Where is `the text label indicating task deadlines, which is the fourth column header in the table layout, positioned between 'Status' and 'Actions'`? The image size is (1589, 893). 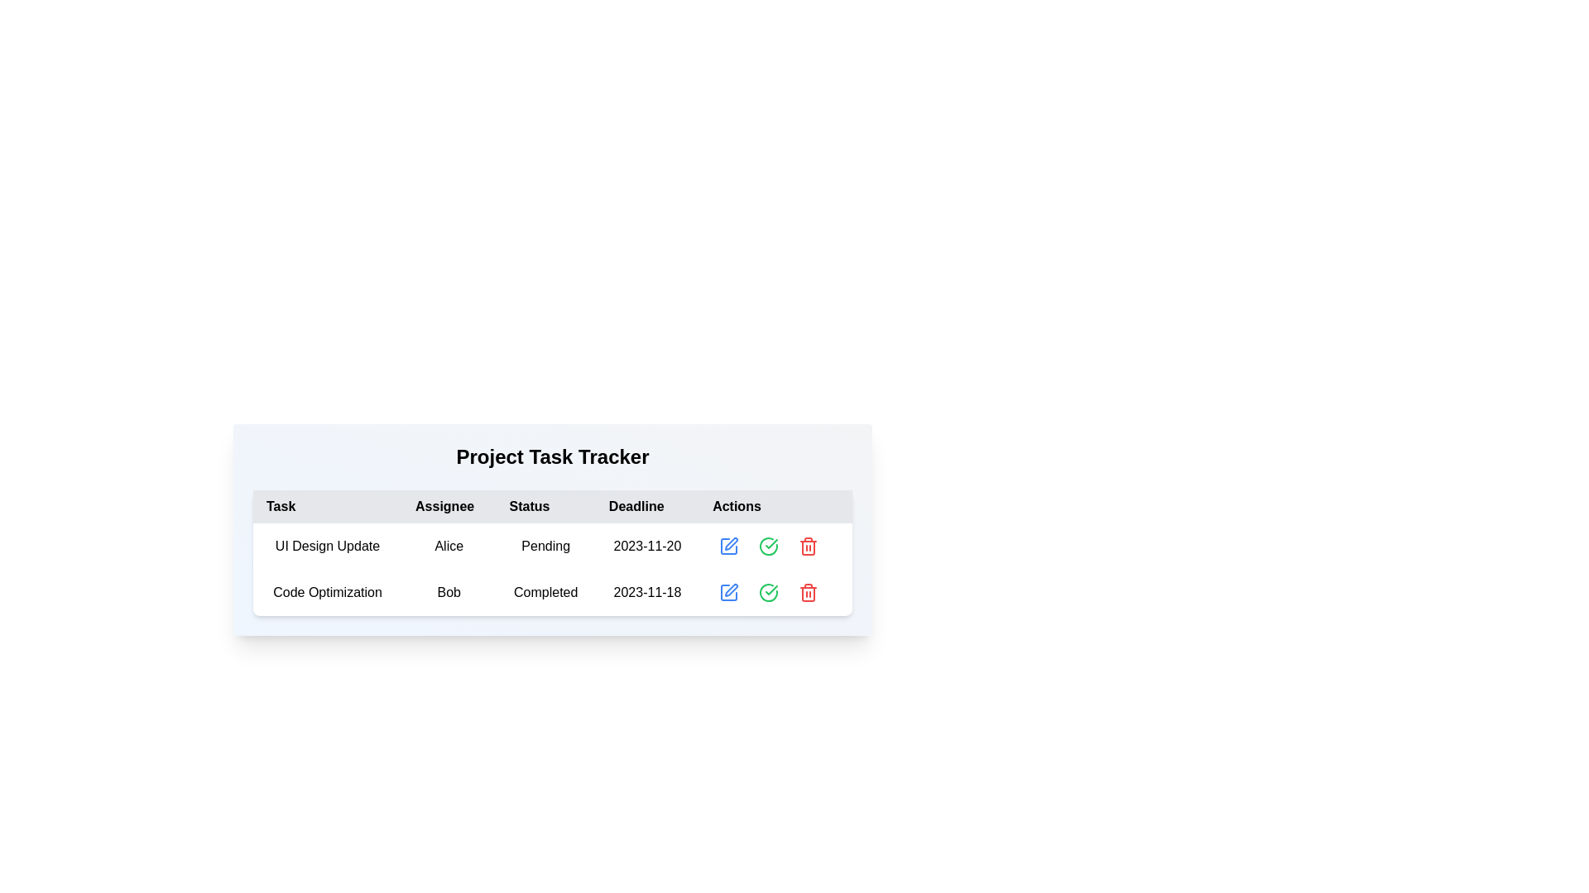 the text label indicating task deadlines, which is the fourth column header in the table layout, positioned between 'Status' and 'Actions' is located at coordinates (646, 506).